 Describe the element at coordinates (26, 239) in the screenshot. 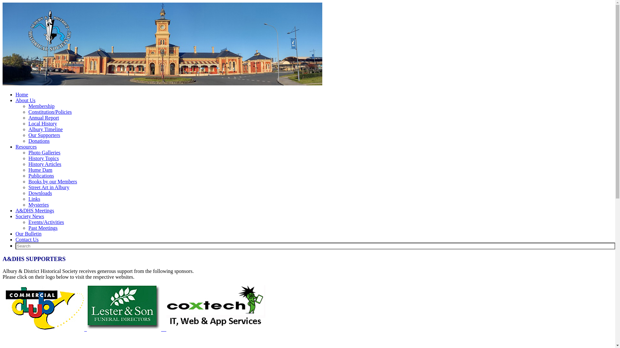

I see `'Contact Us'` at that location.